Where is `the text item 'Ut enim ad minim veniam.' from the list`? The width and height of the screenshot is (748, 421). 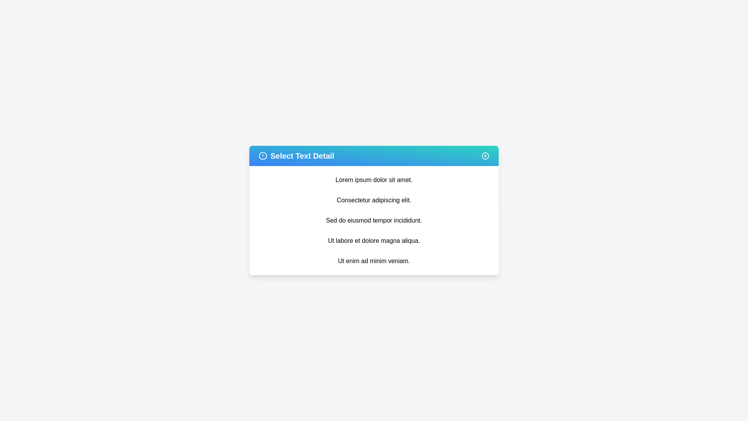 the text item 'Ut enim ad minim veniam.' from the list is located at coordinates (374, 261).